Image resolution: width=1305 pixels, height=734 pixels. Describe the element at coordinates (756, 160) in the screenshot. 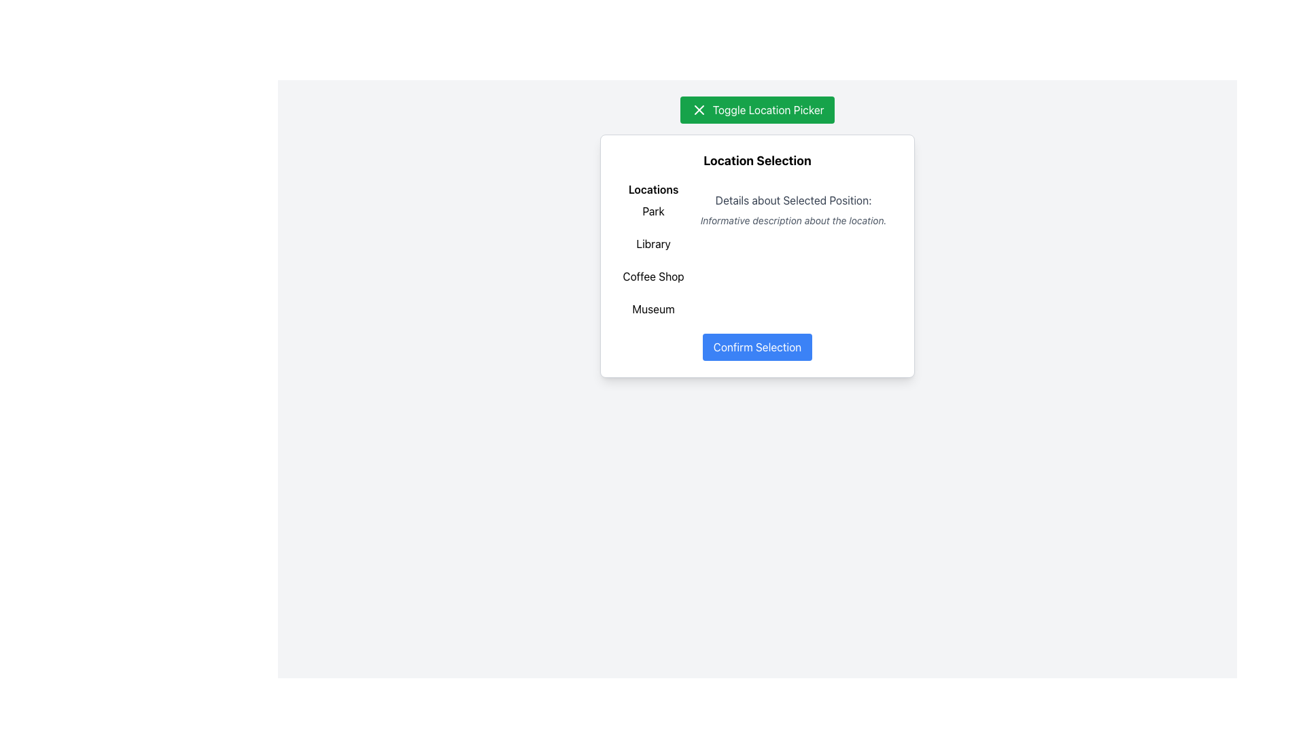

I see `the Text Display element, which serves as the header for the section and is positioned above 'Locations' and 'Details about Selected Position'` at that location.